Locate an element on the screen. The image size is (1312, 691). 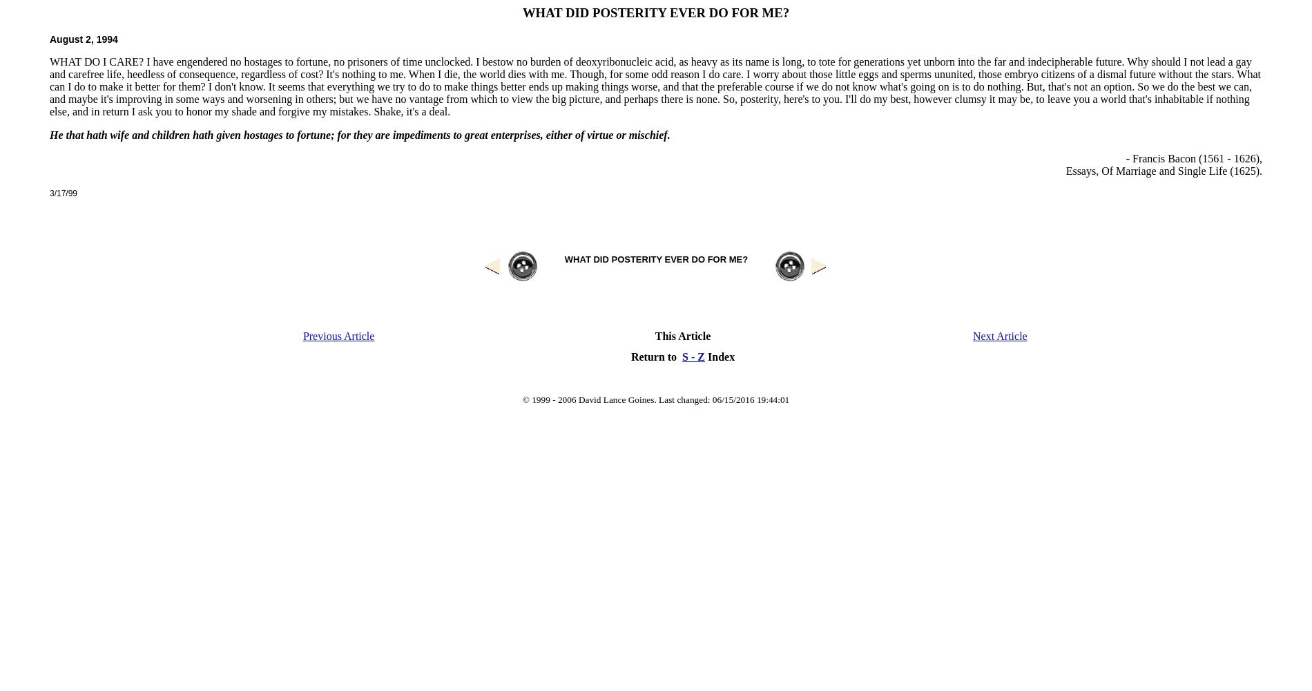
'This Article' is located at coordinates (682, 334).